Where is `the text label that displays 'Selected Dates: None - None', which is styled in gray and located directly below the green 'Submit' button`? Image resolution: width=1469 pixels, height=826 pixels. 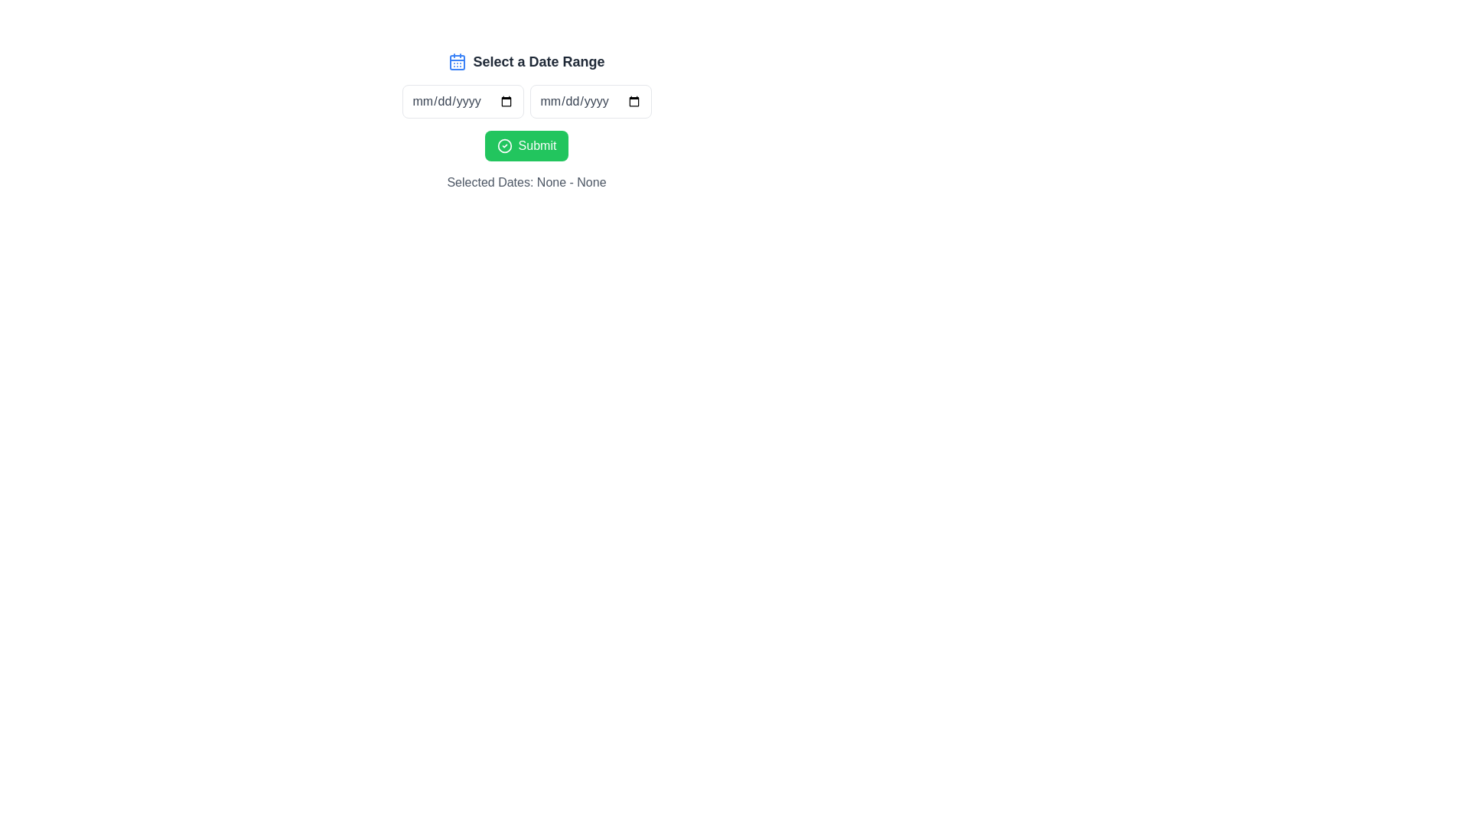
the text label that displays 'Selected Dates: None - None', which is styled in gray and located directly below the green 'Submit' button is located at coordinates (526, 182).